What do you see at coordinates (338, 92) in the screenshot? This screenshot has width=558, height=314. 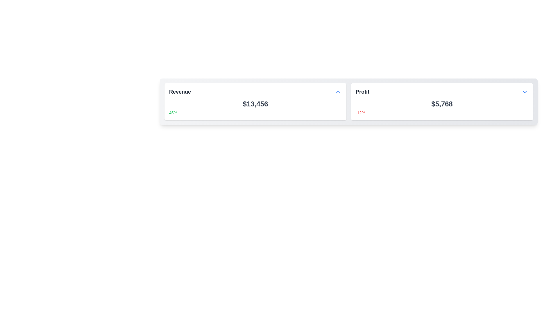 I see `the upward-pointing blue chevron icon located at the far-right of the 'Revenue' section in the financial dashboard` at bounding box center [338, 92].